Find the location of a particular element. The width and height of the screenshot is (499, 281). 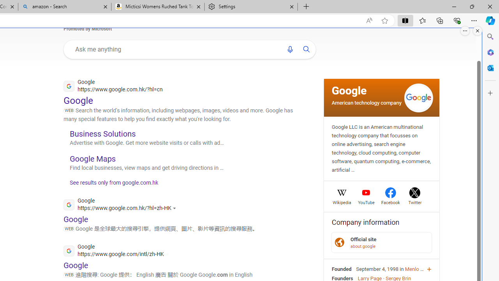

'Ask me anything' is located at coordinates (175, 49).